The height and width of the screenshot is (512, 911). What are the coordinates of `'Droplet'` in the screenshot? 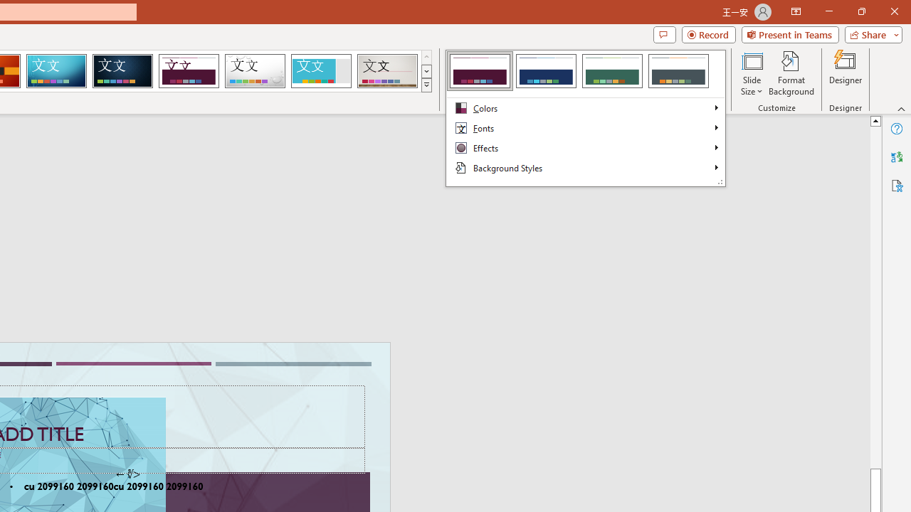 It's located at (255, 71).